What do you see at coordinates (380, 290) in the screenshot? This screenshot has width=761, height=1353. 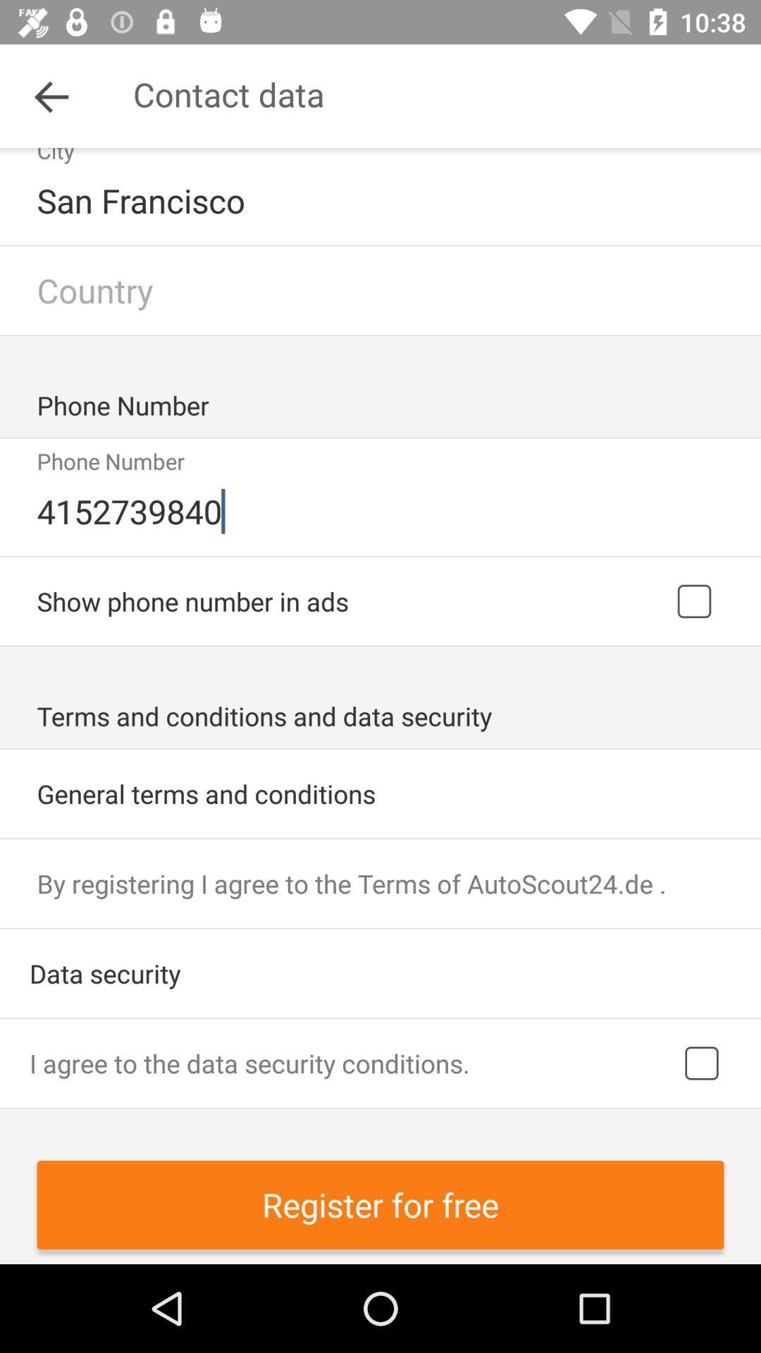 I see `input country` at bounding box center [380, 290].